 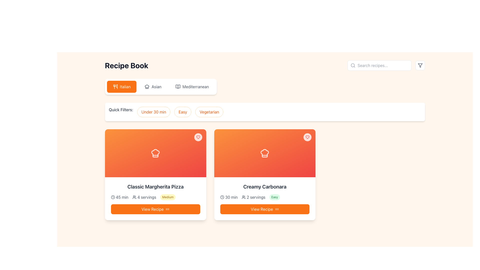 I want to click on the orange rectangular button labeled 'View Recipe' located at the bottom center of the 'Classic Margherita Pizza' card to trigger its color change effect, so click(x=155, y=209).